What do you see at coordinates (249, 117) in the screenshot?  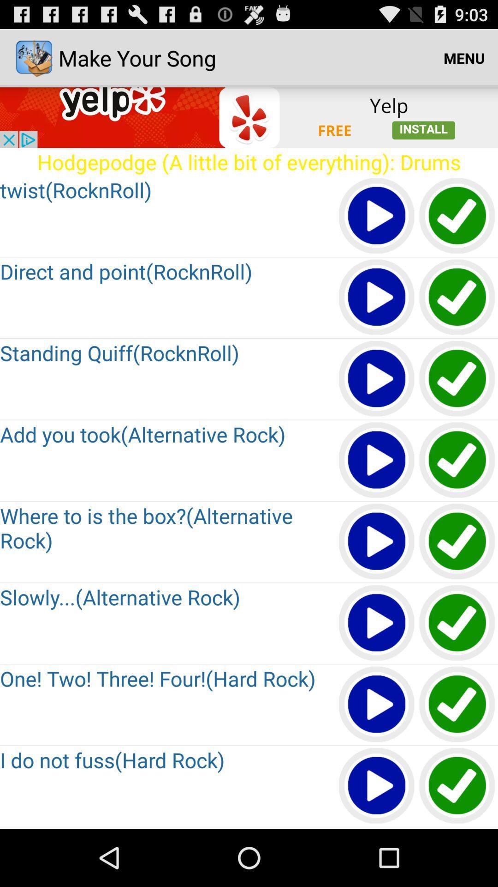 I see `advertisement` at bounding box center [249, 117].